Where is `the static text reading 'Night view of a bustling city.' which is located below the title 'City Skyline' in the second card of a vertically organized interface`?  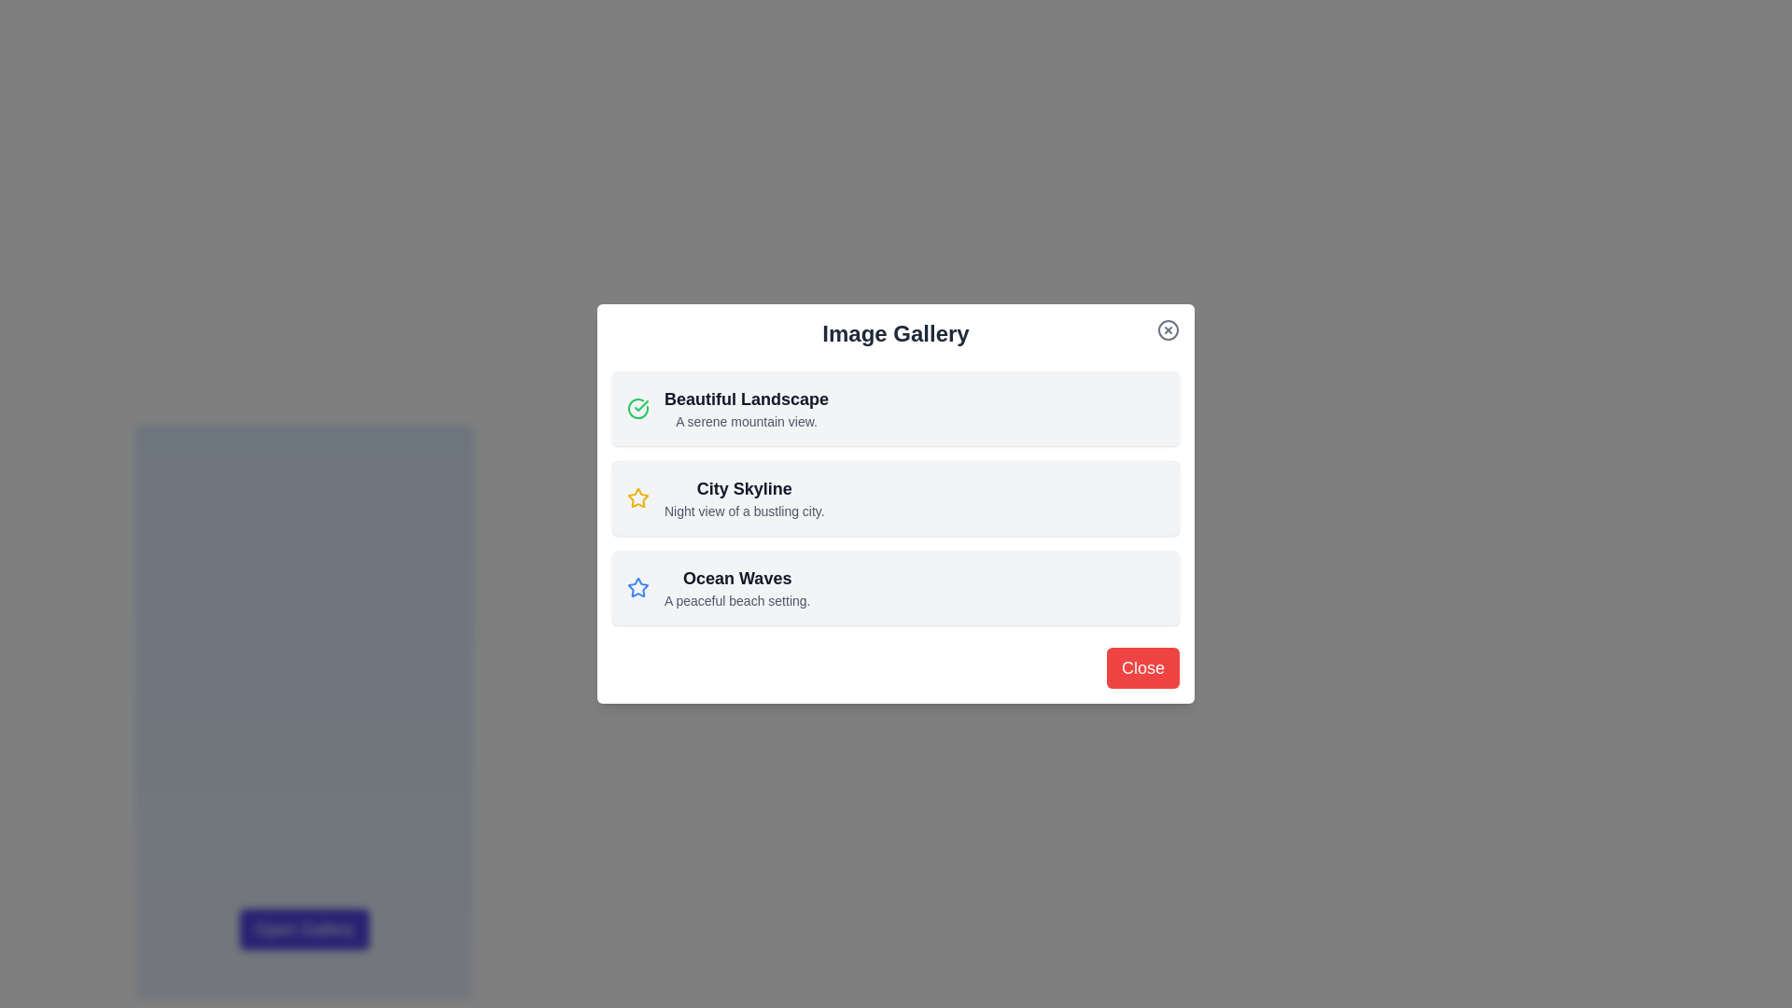
the static text reading 'Night view of a bustling city.' which is located below the title 'City Skyline' in the second card of a vertically organized interface is located at coordinates (743, 511).